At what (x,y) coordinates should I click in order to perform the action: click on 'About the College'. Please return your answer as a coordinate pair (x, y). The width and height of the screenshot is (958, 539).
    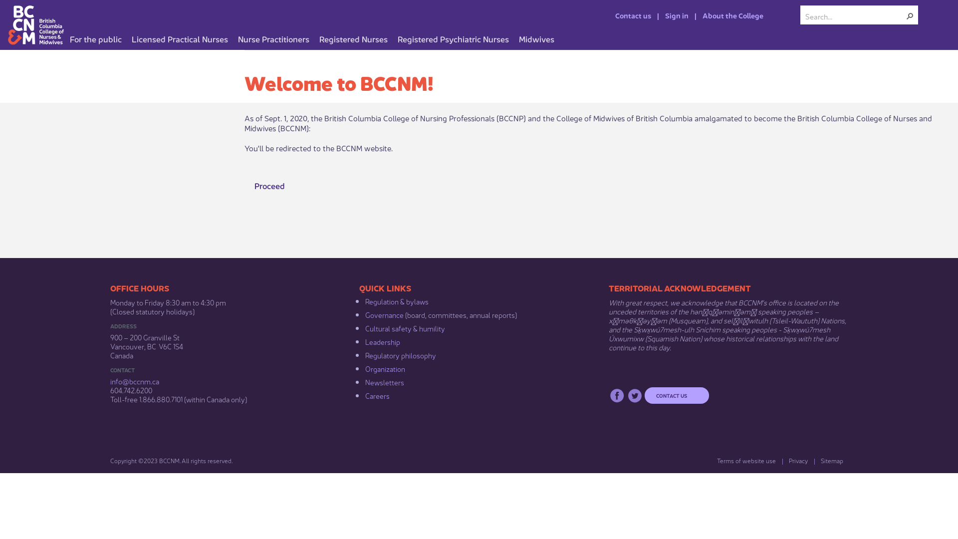
    Looking at the image, I should click on (688, 15).